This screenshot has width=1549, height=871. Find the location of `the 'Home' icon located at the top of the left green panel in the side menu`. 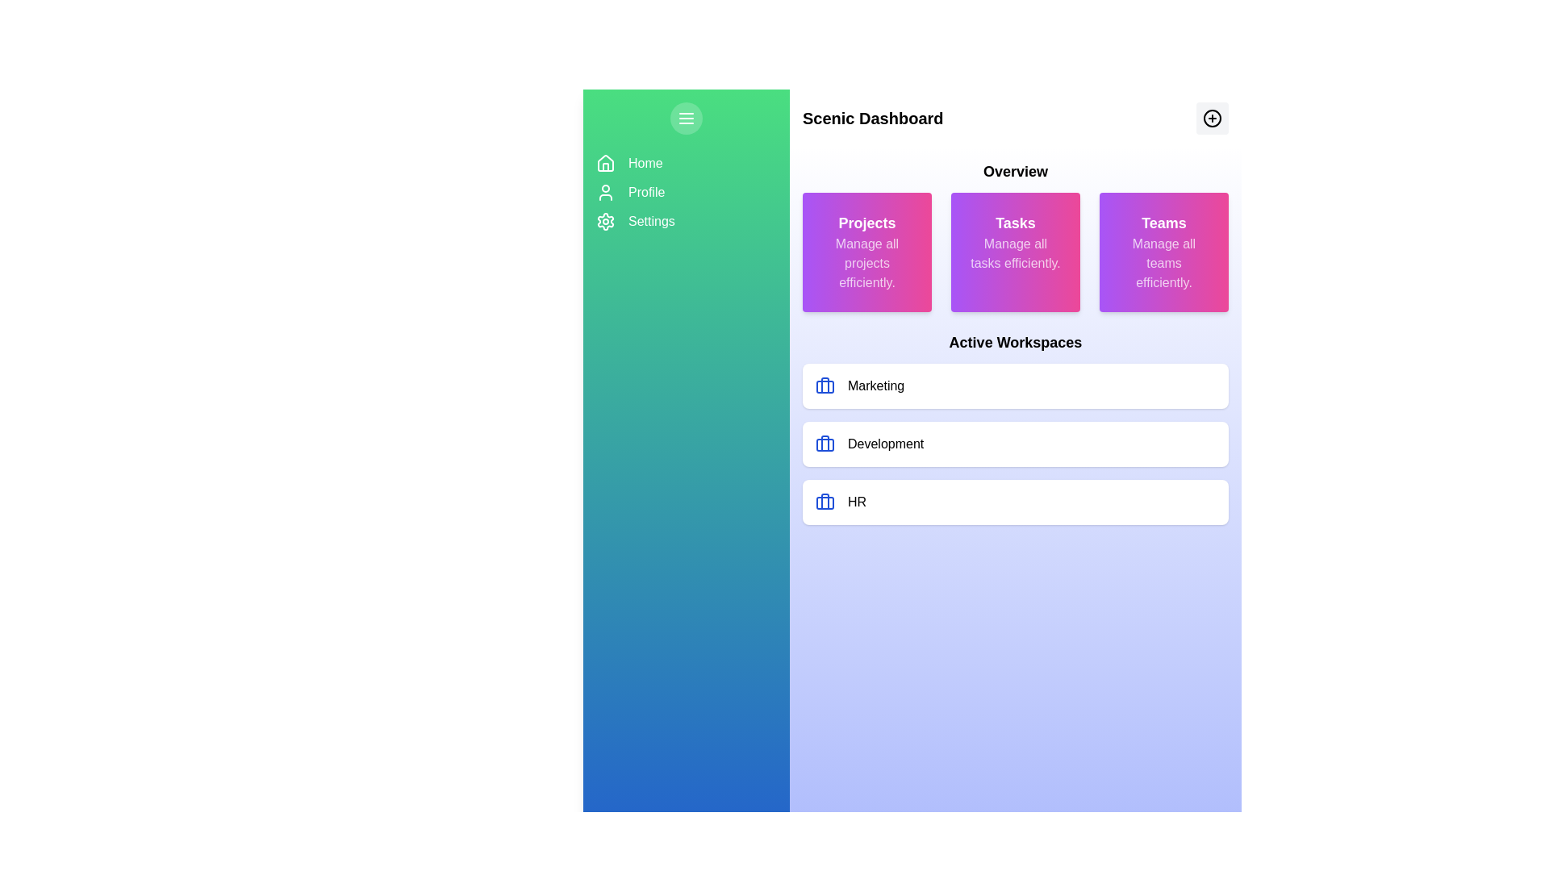

the 'Home' icon located at the top of the left green panel in the side menu is located at coordinates (604, 167).